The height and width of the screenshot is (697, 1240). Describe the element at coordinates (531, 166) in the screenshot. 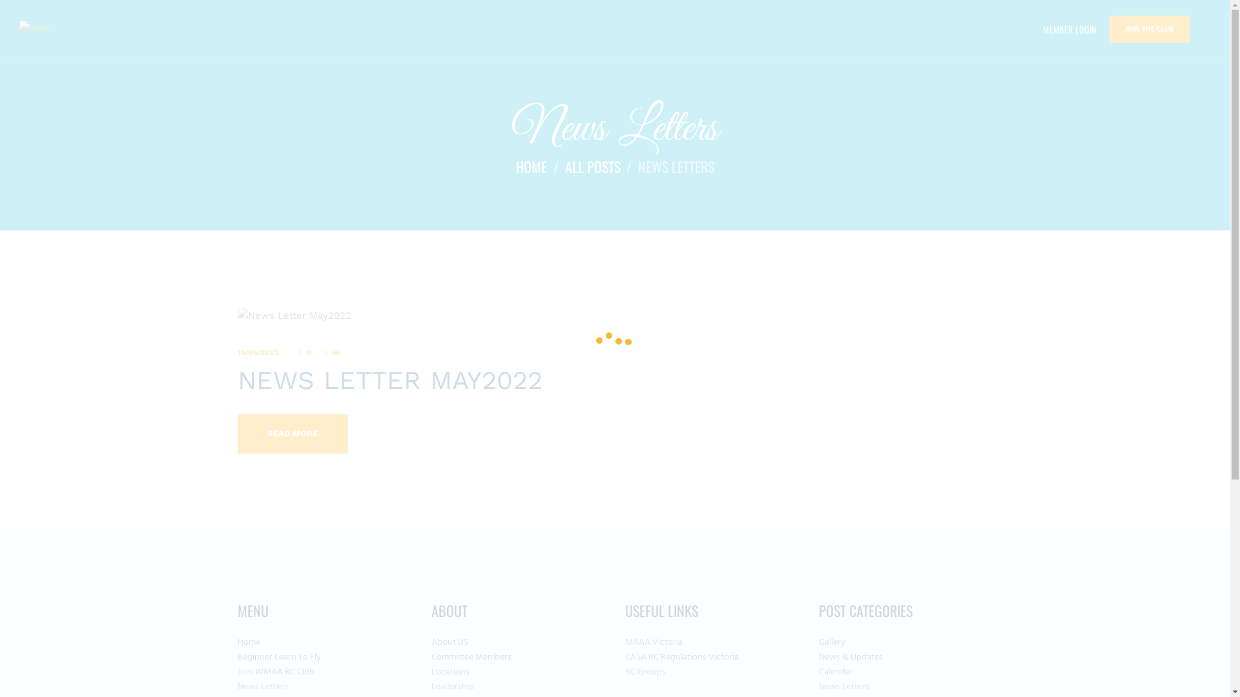

I see `'HOME'` at that location.